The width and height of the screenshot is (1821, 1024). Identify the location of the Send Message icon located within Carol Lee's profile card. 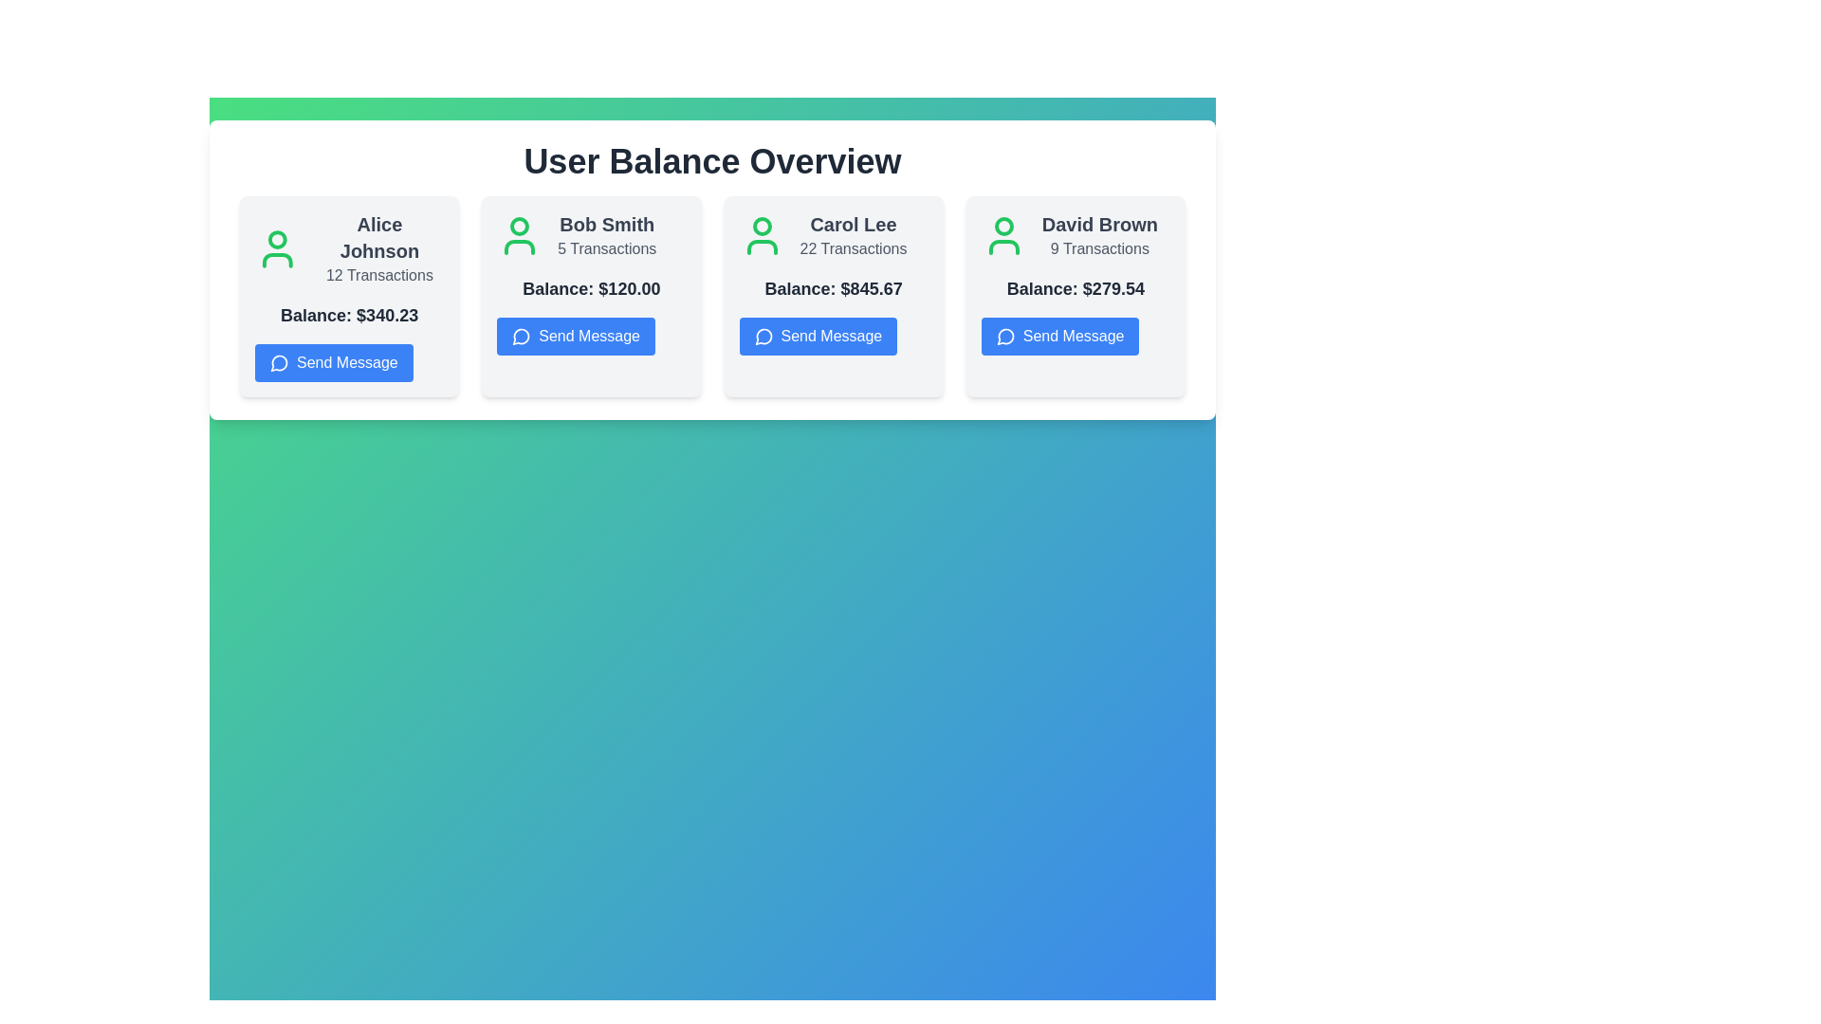
(763, 335).